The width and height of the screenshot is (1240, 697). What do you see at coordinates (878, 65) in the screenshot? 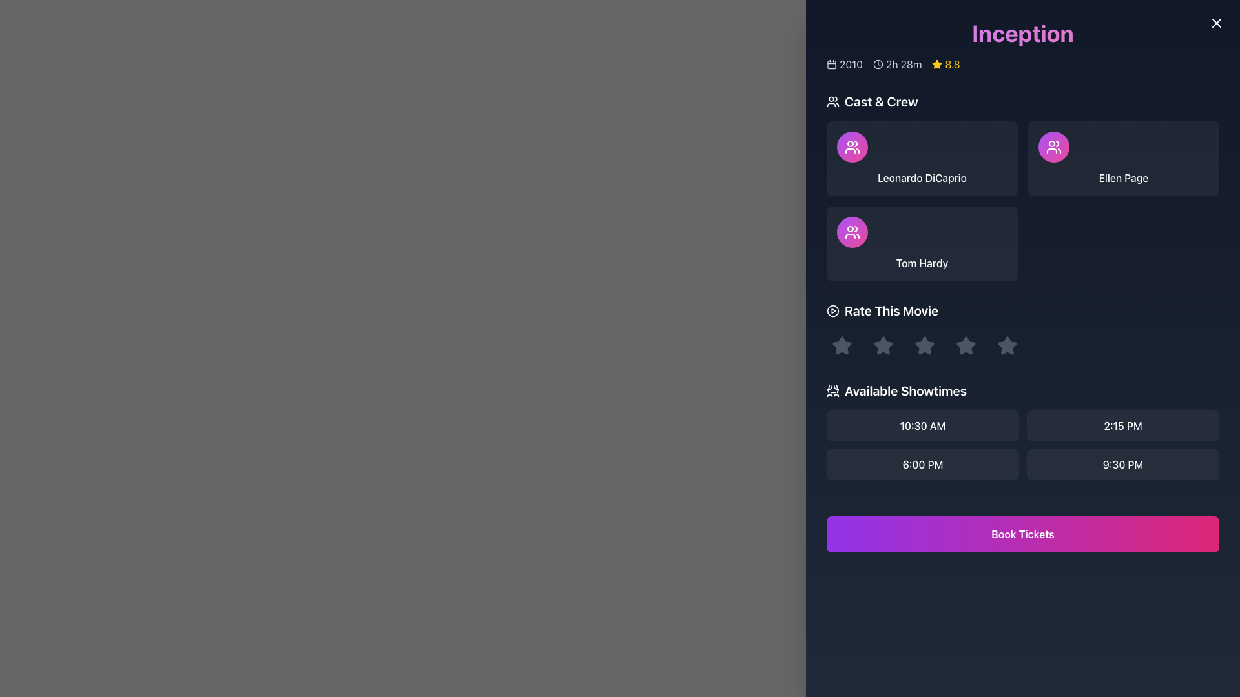
I see `the non-interactive decorative SVG clock icon located at the top-center of the interface, next to the text '2h 28m'` at bounding box center [878, 65].